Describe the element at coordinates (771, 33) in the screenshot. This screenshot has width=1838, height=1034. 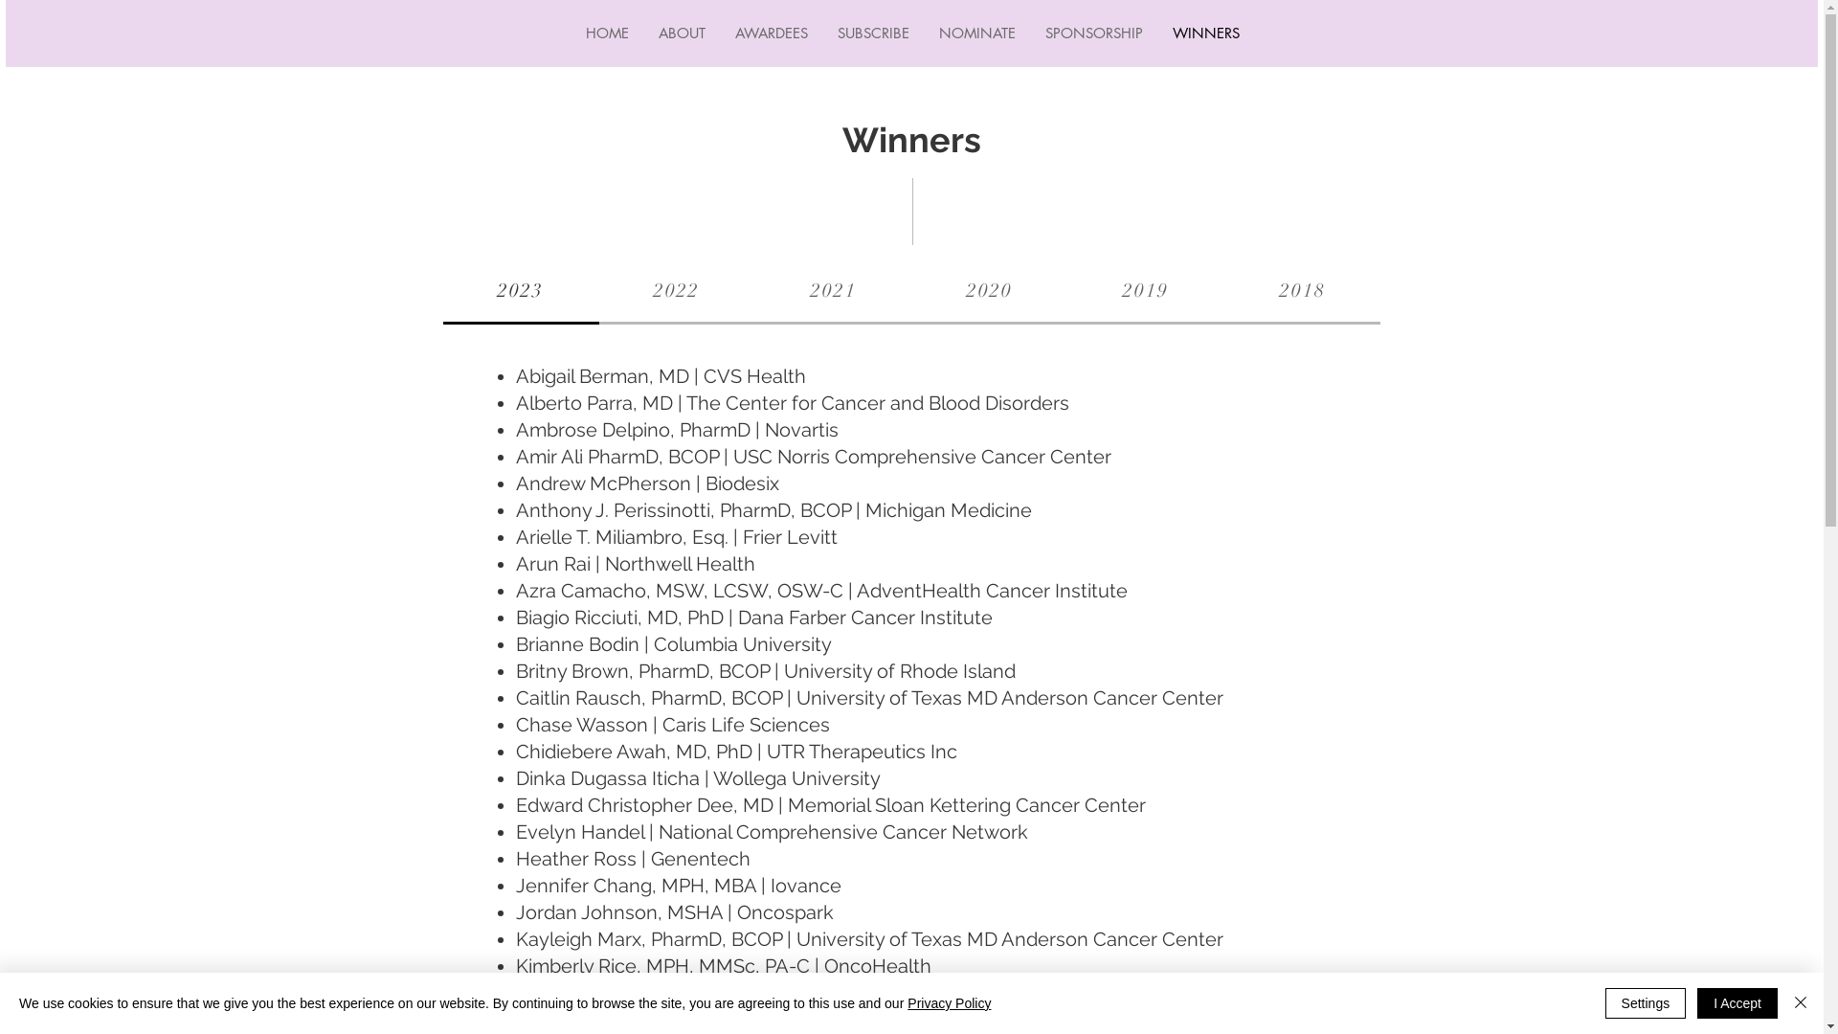
I see `'AWARDEES'` at that location.